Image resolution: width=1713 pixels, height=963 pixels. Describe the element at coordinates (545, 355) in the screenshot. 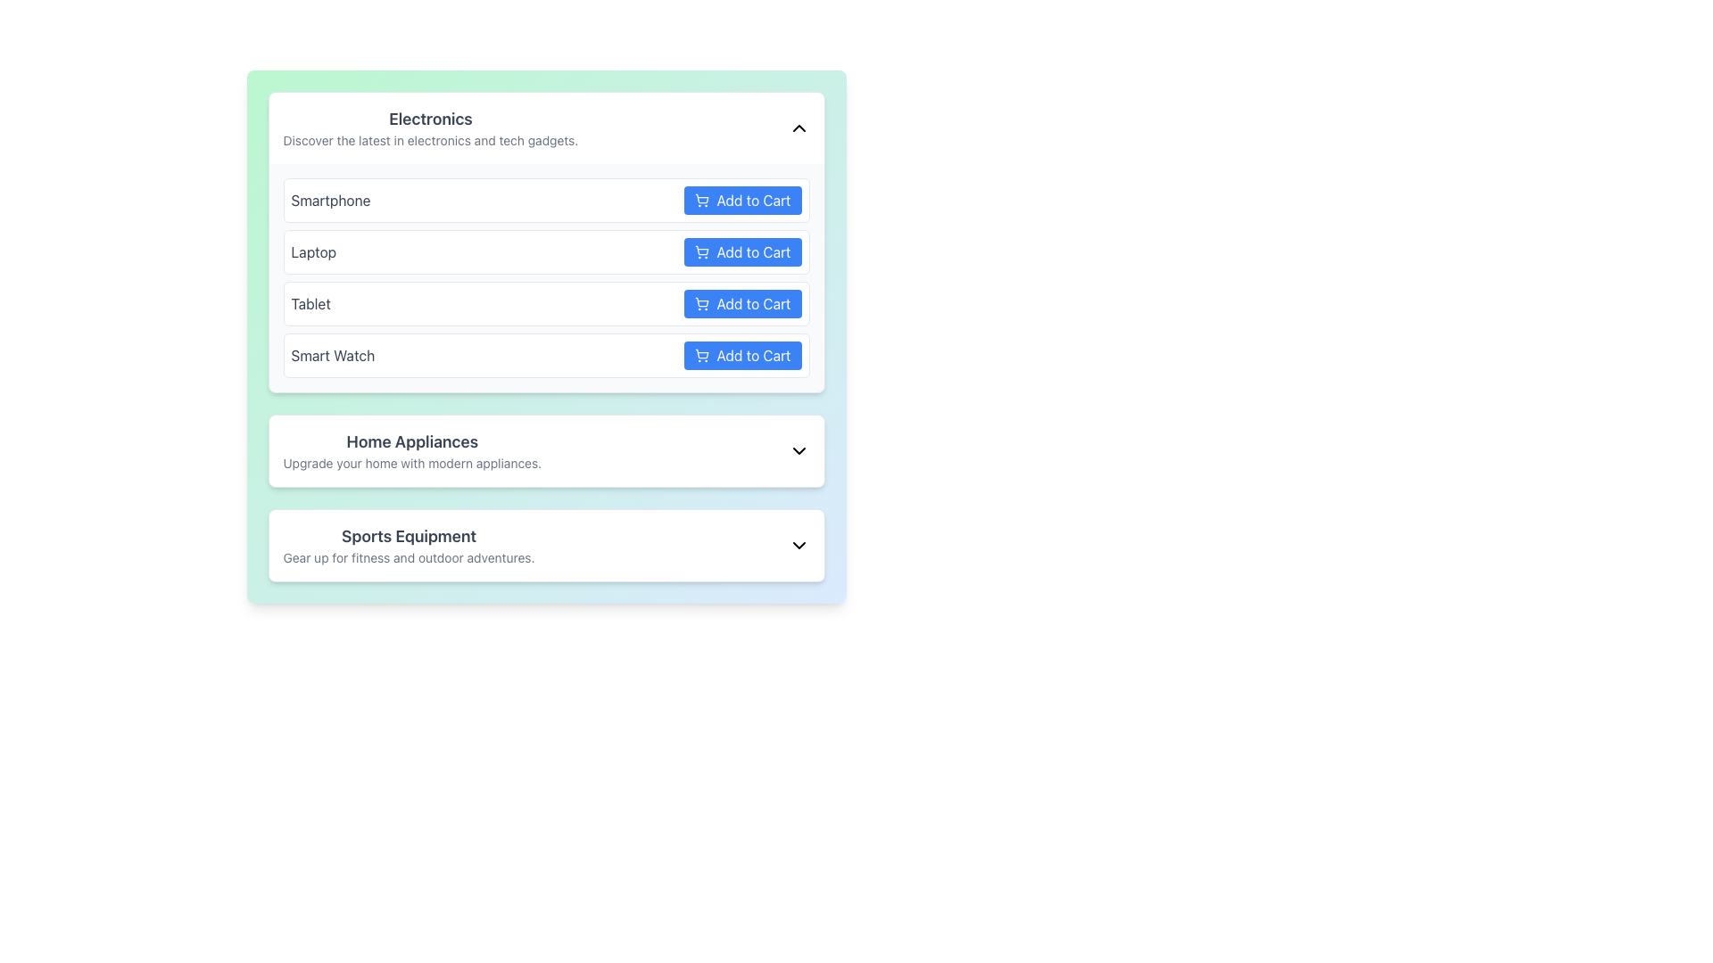

I see `product name from the fourth item in the Electronics category, which is labeled 'Smart Watch'` at that location.